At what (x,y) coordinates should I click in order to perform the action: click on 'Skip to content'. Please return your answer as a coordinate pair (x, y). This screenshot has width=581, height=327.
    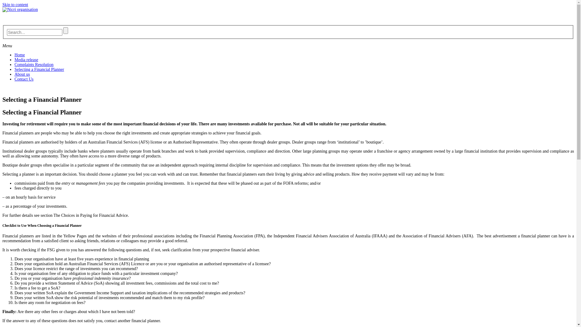
    Looking at the image, I should click on (2, 5).